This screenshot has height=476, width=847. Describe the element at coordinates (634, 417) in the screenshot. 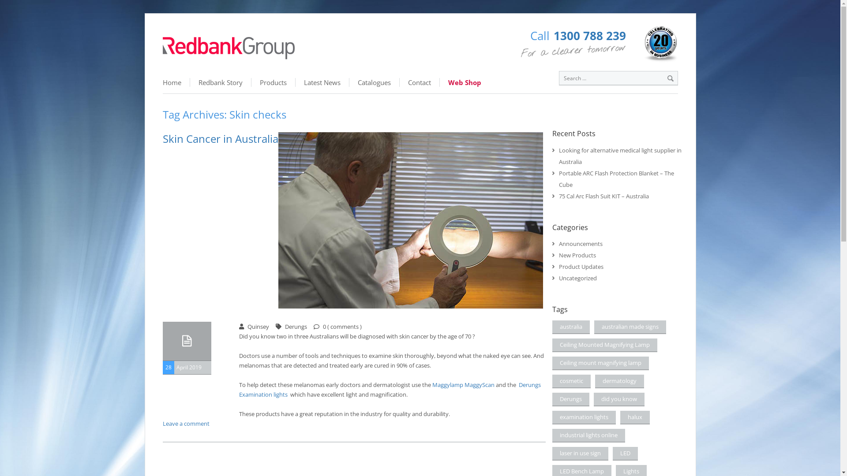

I see `'halux'` at that location.